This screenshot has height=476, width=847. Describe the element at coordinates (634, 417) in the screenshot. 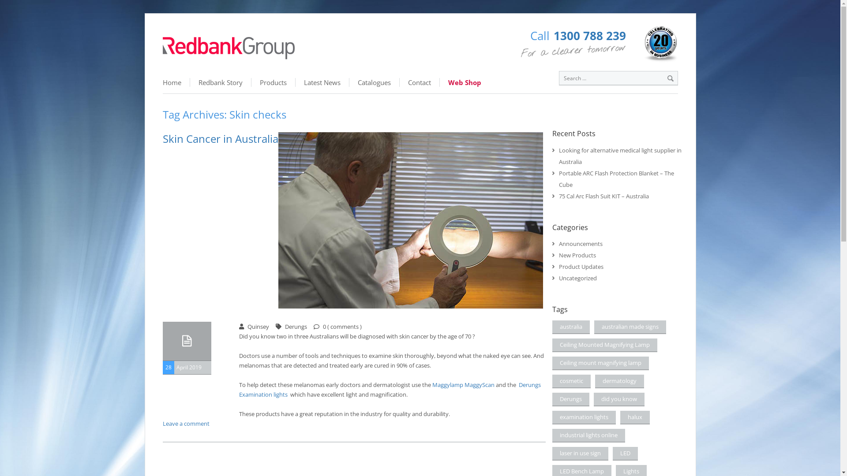

I see `'halux'` at that location.